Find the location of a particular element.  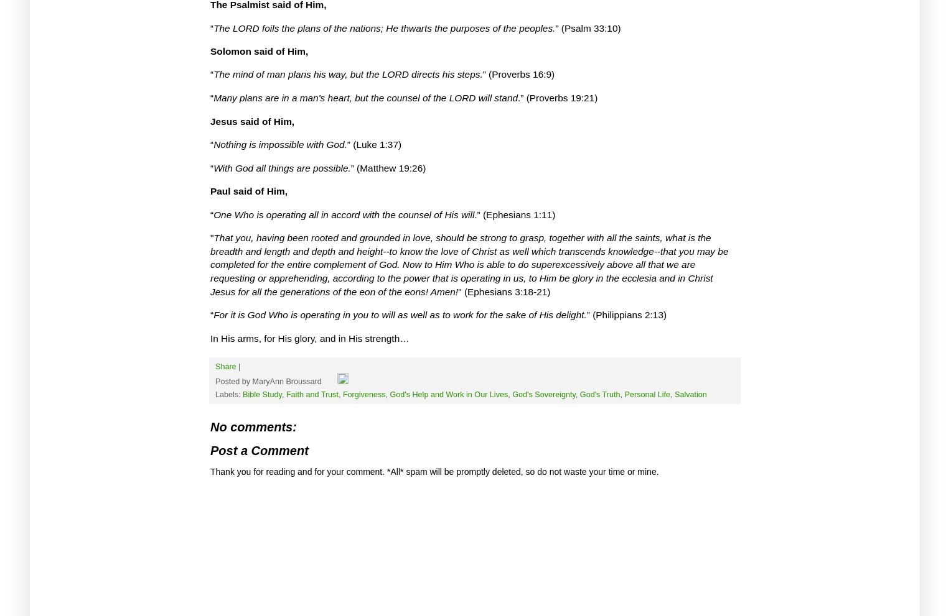

'Posted by' is located at coordinates (233, 382).